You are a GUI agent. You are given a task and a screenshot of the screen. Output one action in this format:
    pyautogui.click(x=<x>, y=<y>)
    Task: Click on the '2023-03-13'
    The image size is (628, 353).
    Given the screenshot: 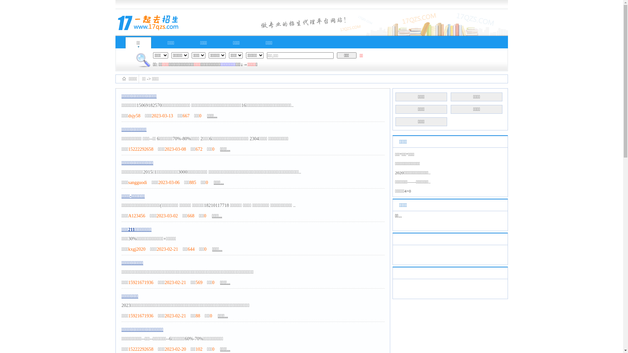 What is the action you would take?
    pyautogui.click(x=151, y=115)
    